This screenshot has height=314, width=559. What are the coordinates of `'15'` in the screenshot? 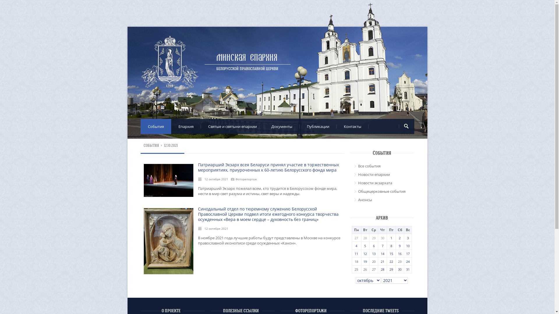 It's located at (391, 253).